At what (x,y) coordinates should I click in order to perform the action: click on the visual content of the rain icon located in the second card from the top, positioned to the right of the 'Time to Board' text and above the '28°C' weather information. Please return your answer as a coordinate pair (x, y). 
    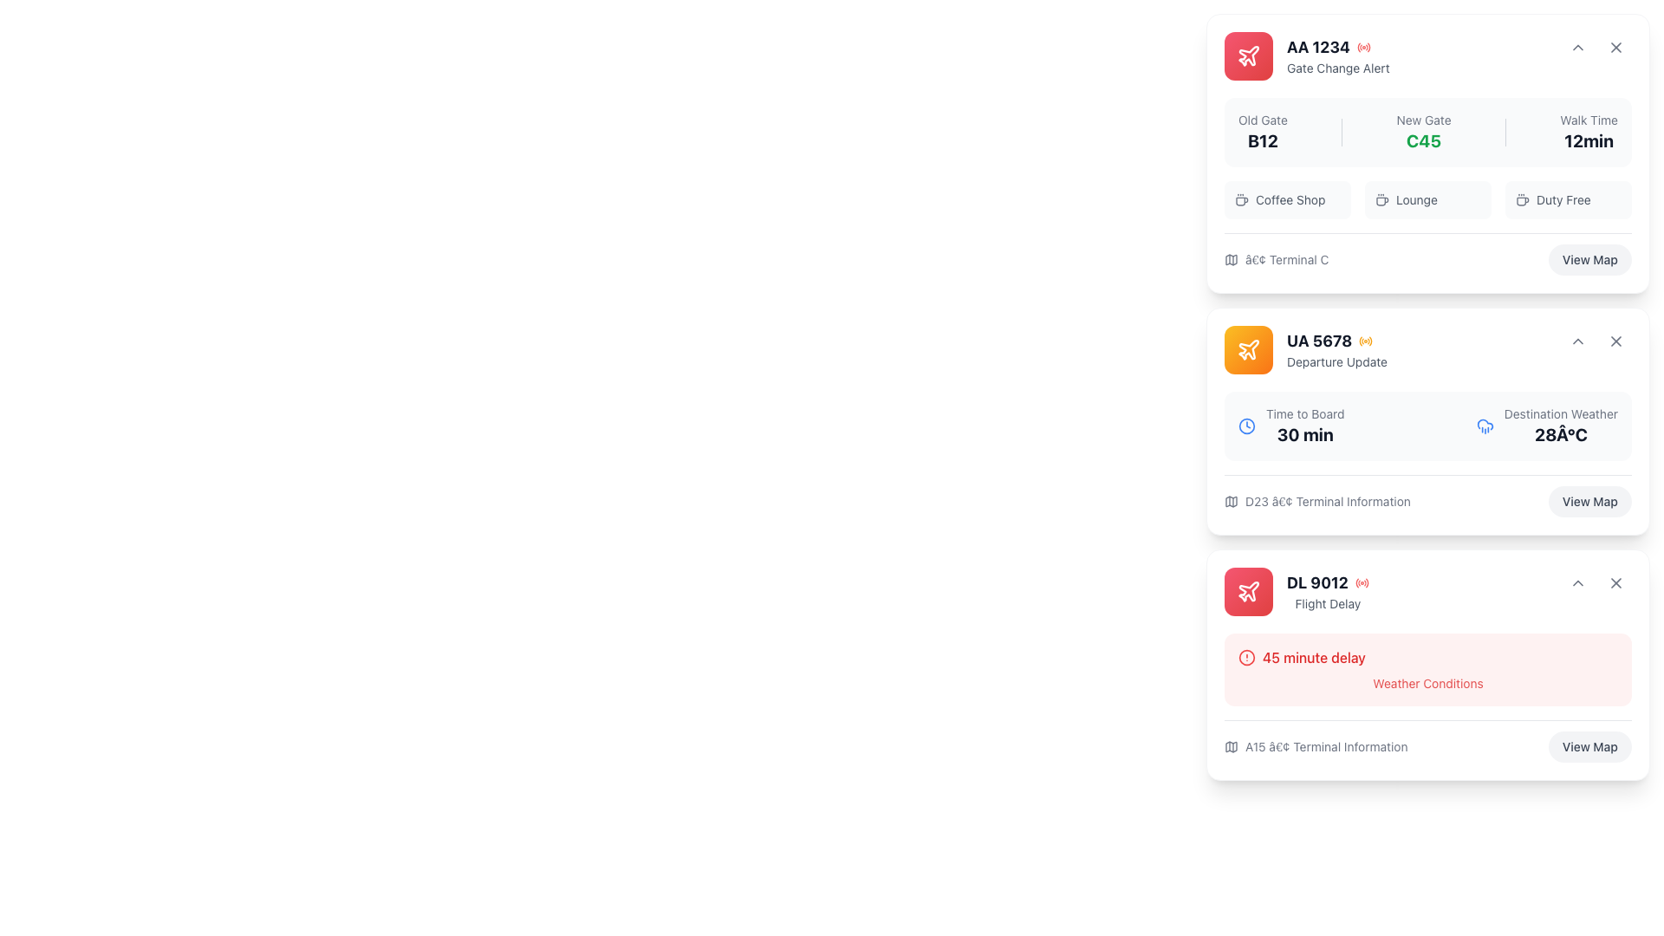
    Looking at the image, I should click on (1484, 426).